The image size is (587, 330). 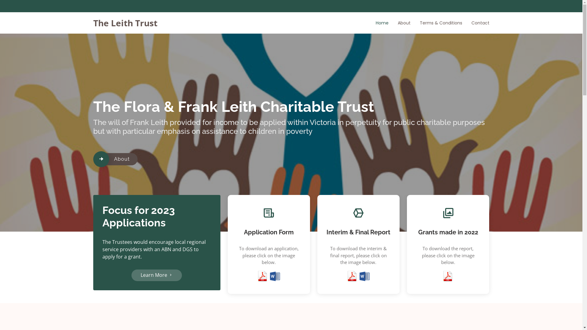 I want to click on 'Contact', so click(x=475, y=22).